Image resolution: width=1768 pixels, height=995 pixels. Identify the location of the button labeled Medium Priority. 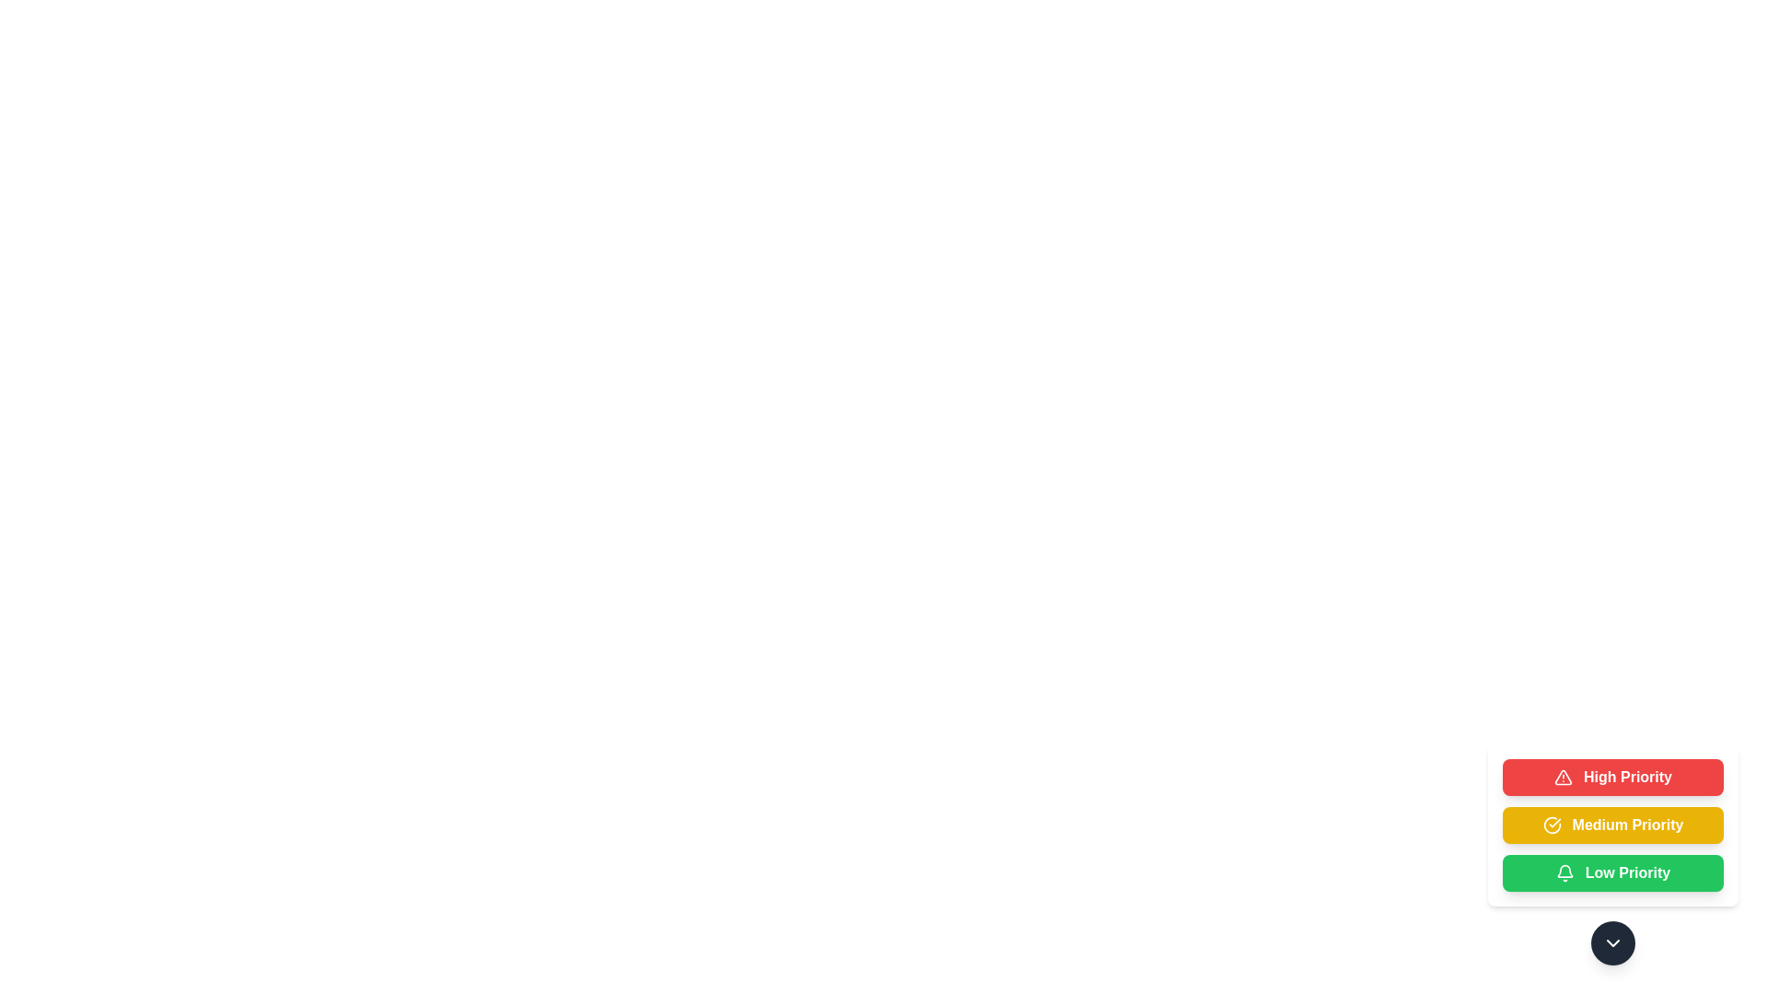
(1612, 824).